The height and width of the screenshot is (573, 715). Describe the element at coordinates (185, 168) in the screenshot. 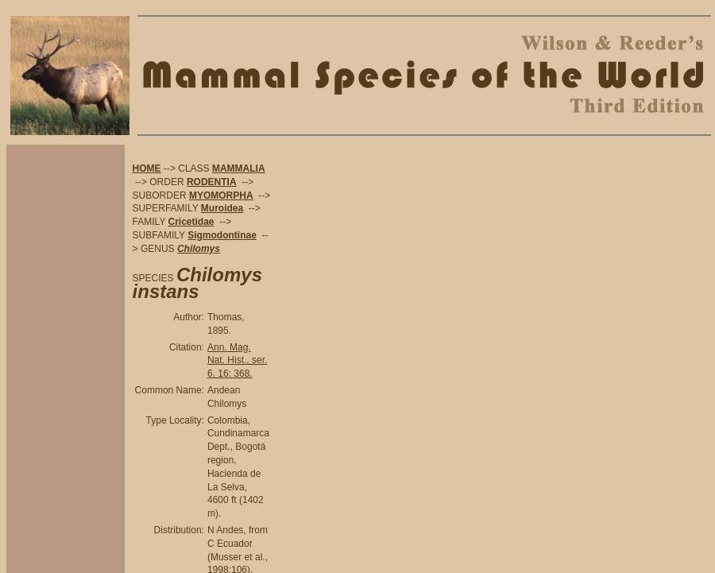

I see `'--> CLASS'` at that location.